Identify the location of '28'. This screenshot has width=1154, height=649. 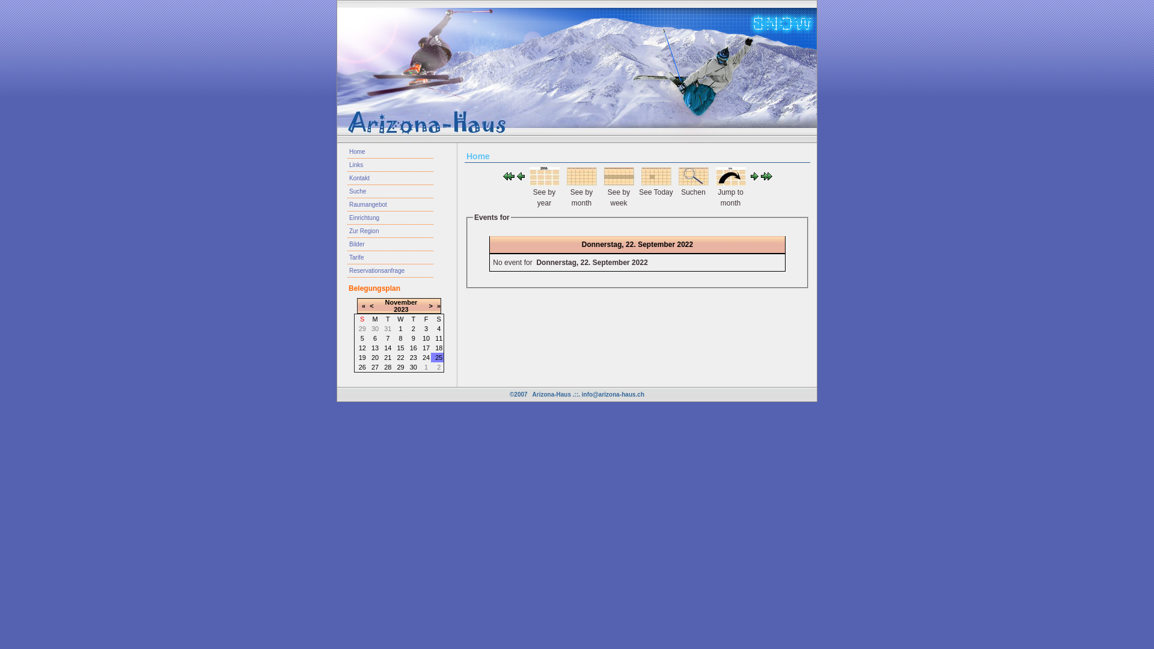
(387, 366).